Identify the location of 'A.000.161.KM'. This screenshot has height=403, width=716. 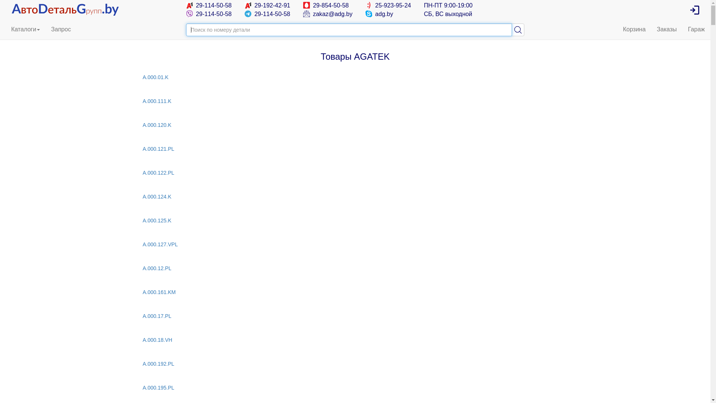
(354, 292).